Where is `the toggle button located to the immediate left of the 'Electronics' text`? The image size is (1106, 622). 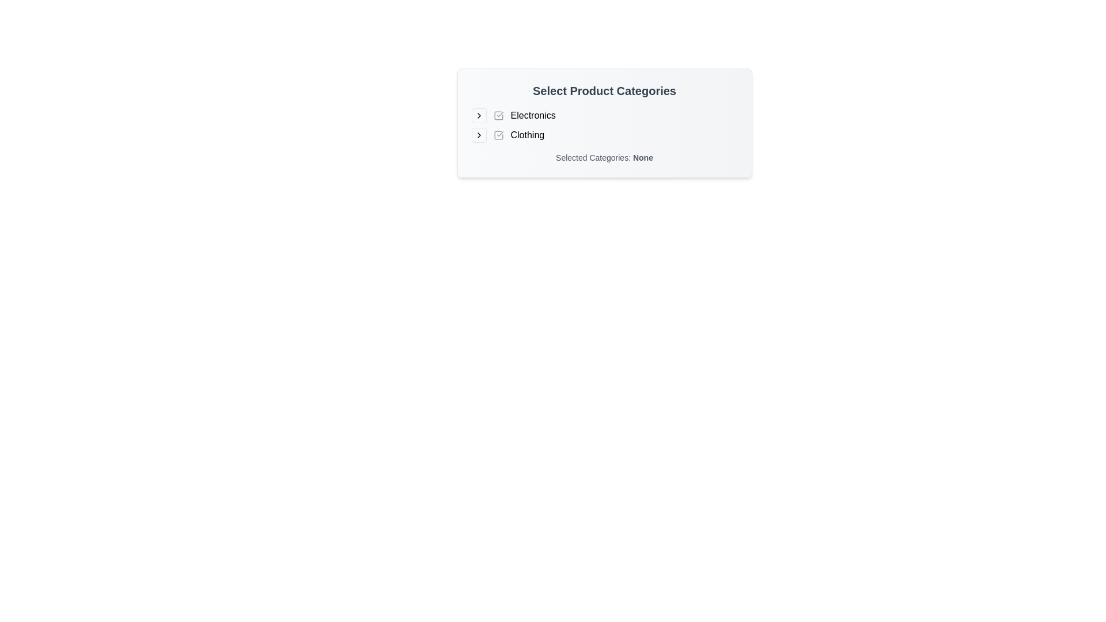
the toggle button located to the immediate left of the 'Electronics' text is located at coordinates (479, 115).